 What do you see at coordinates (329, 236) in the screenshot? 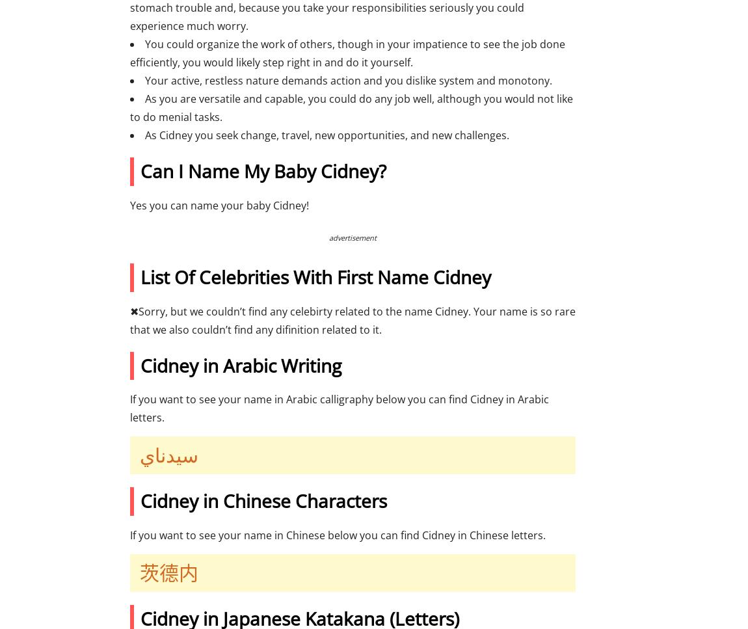
I see `'advertisement'` at bounding box center [329, 236].